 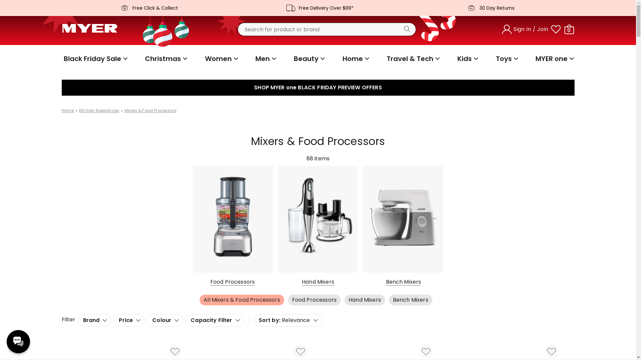 I want to click on 'Bench Mixers', so click(x=389, y=299).